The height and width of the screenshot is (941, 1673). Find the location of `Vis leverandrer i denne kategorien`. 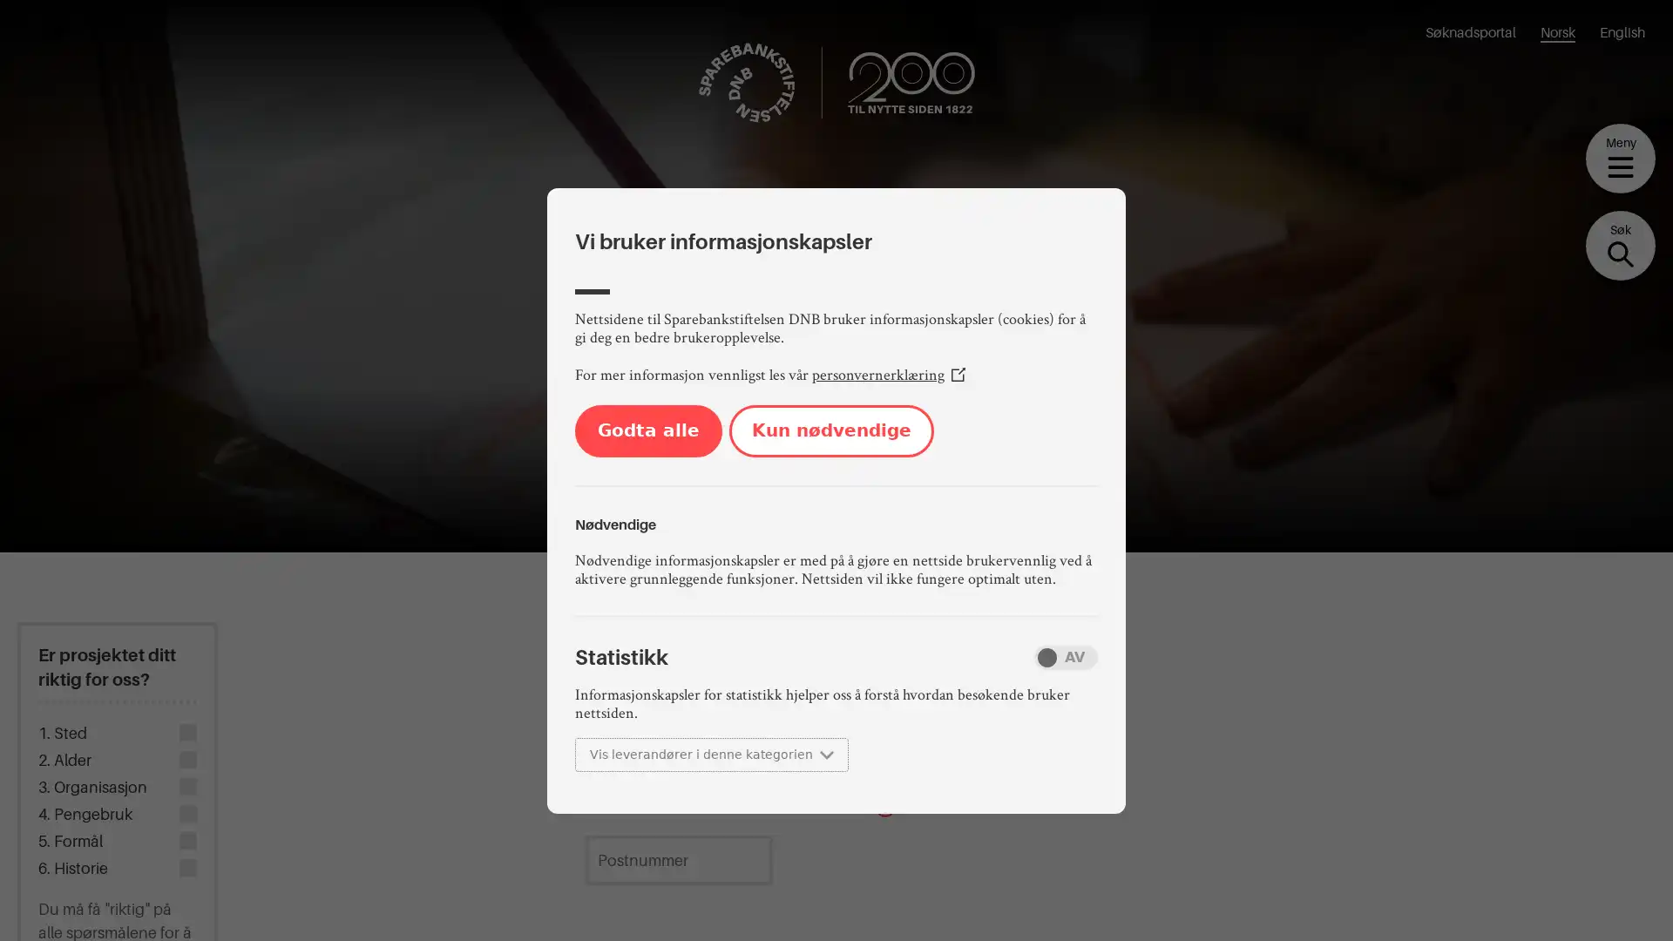

Vis leverandrer i denne kategorien is located at coordinates (711, 754).